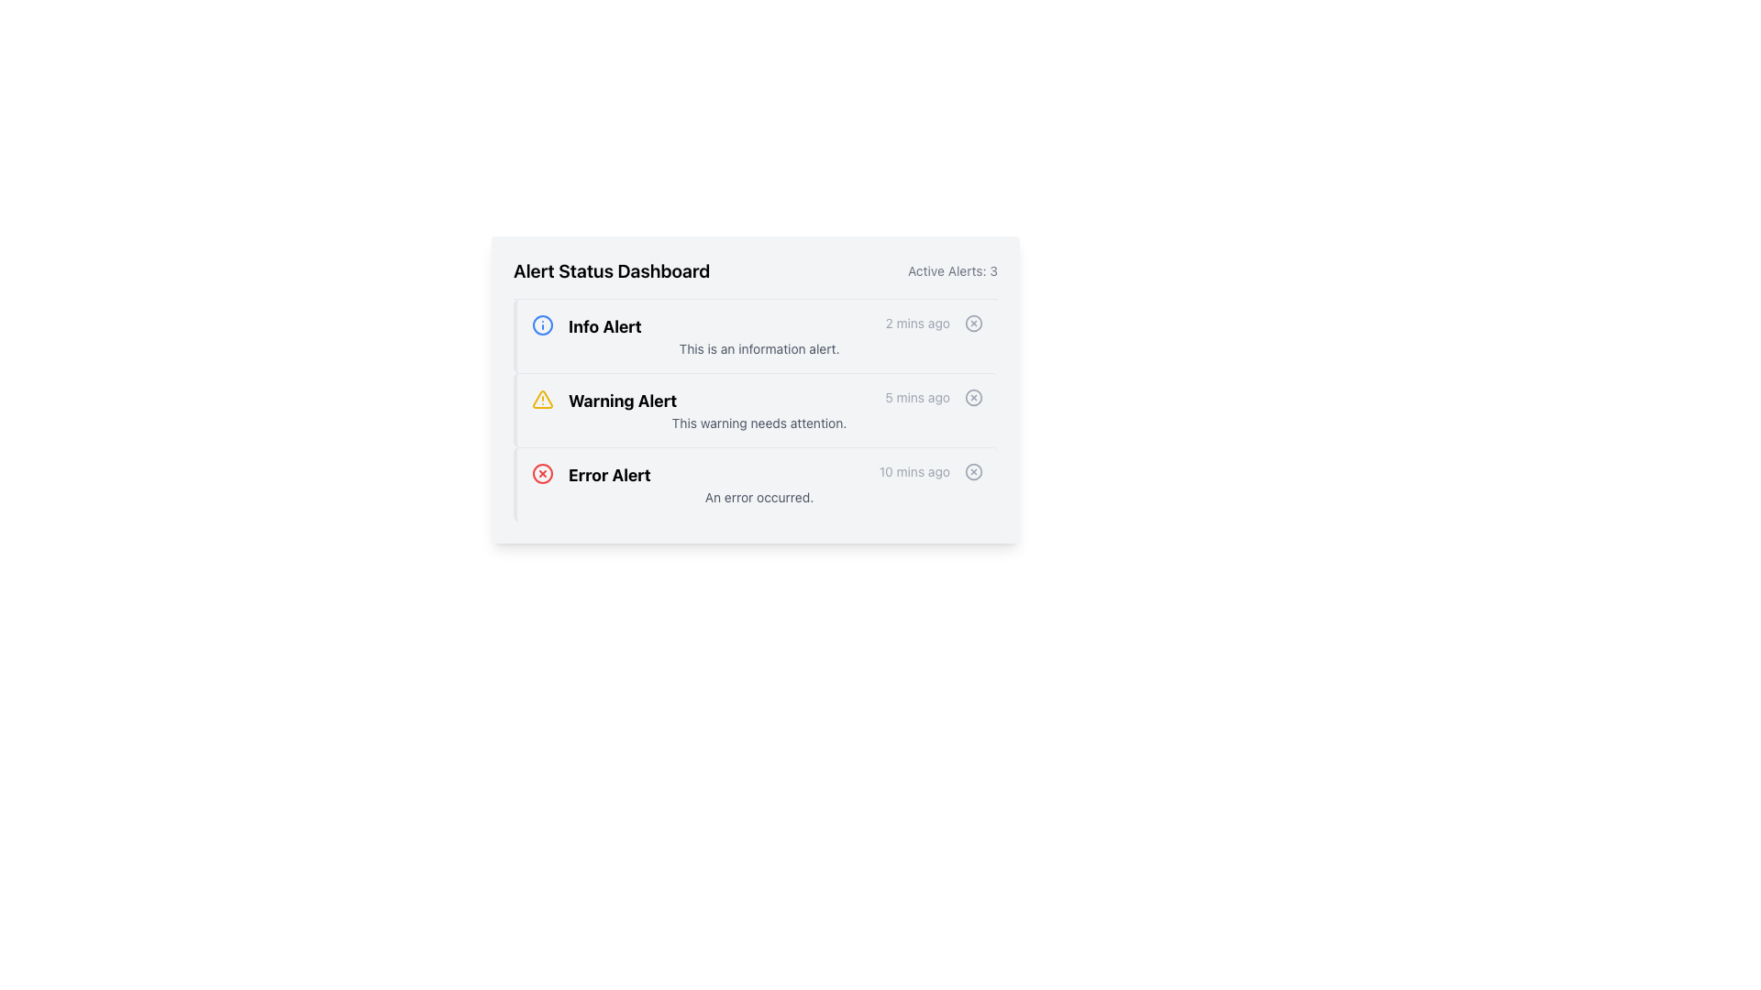 The width and height of the screenshot is (1761, 990). I want to click on the triangular warning icon with a yellow outline and exclamation mark, located in the second list item of the alert list next to 'Warning Alert' and '5 mins ago', so click(541, 398).